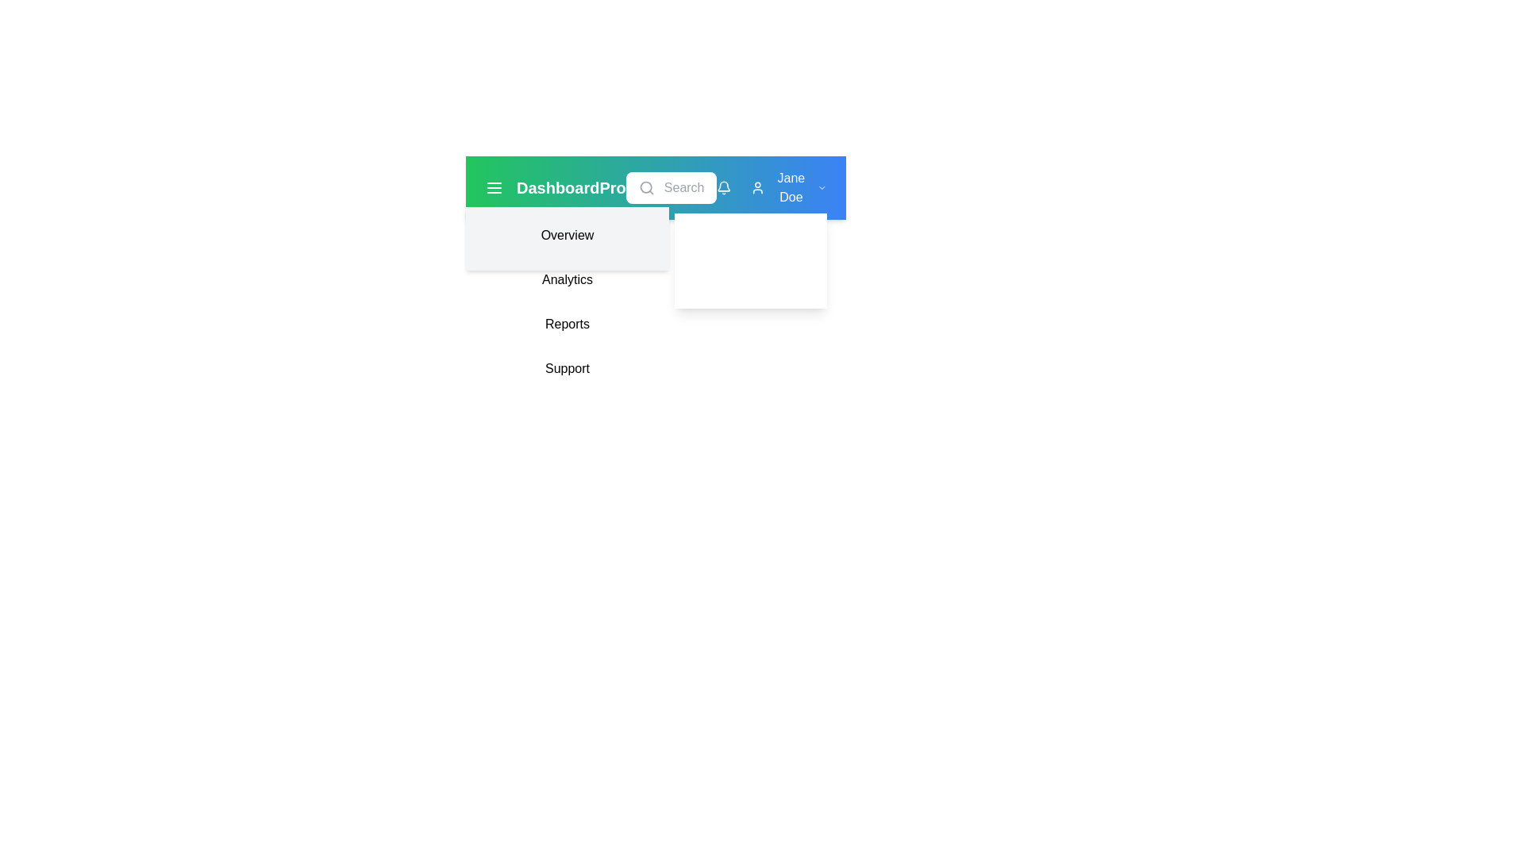  I want to click on the user icon, which is a white SVG icon resembling a person, located in the top right navigation bar adjacent to the text label 'Jane Doe', so click(756, 186).